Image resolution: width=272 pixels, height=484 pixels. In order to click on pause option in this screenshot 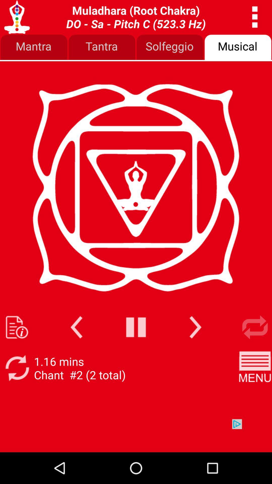, I will do `click(136, 327)`.